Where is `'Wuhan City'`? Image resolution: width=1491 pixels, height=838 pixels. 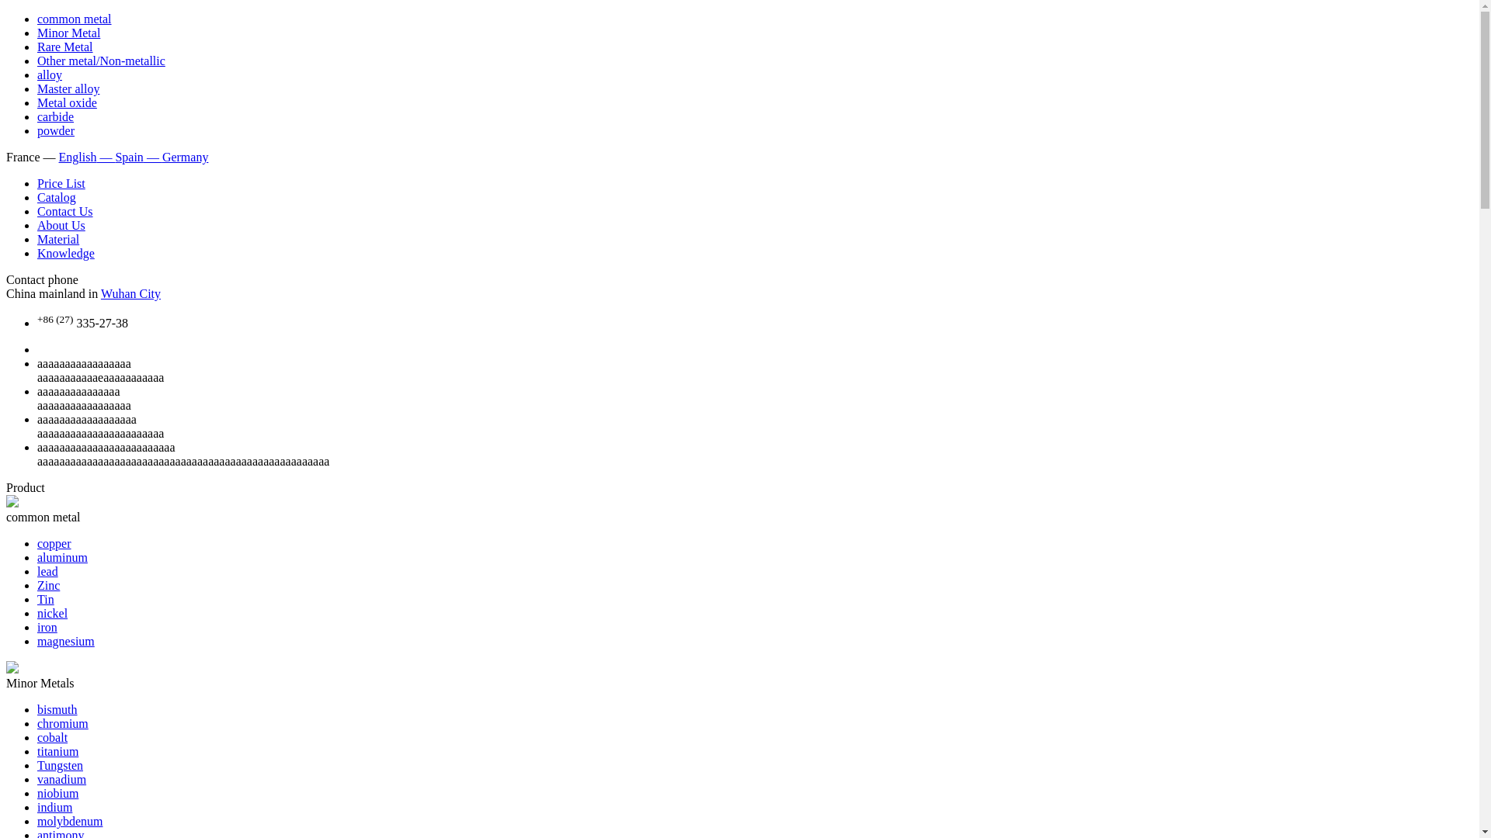 'Wuhan City' is located at coordinates (130, 293).